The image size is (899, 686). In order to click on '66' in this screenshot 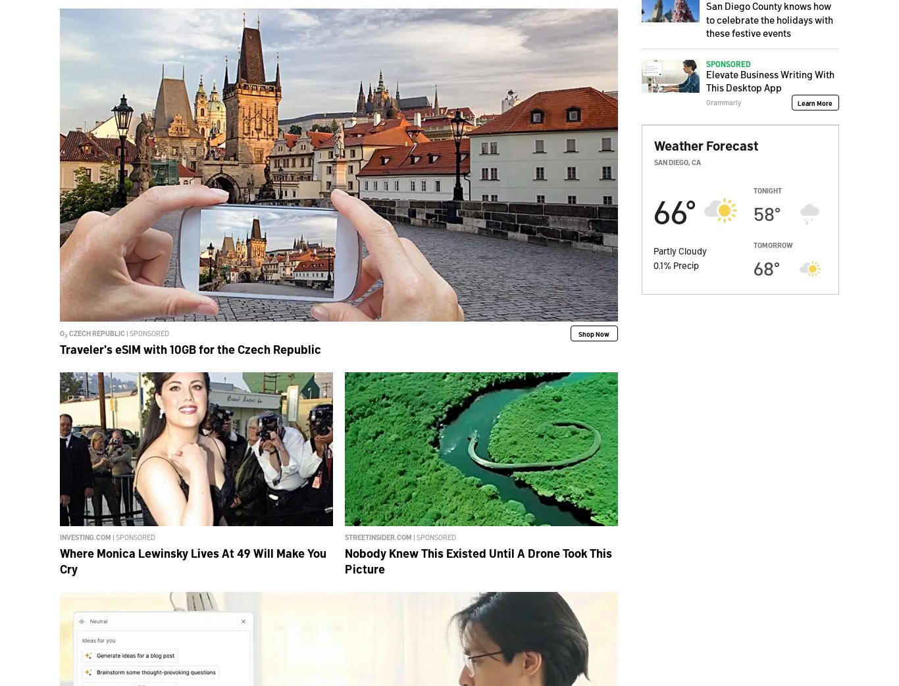, I will do `click(669, 208)`.